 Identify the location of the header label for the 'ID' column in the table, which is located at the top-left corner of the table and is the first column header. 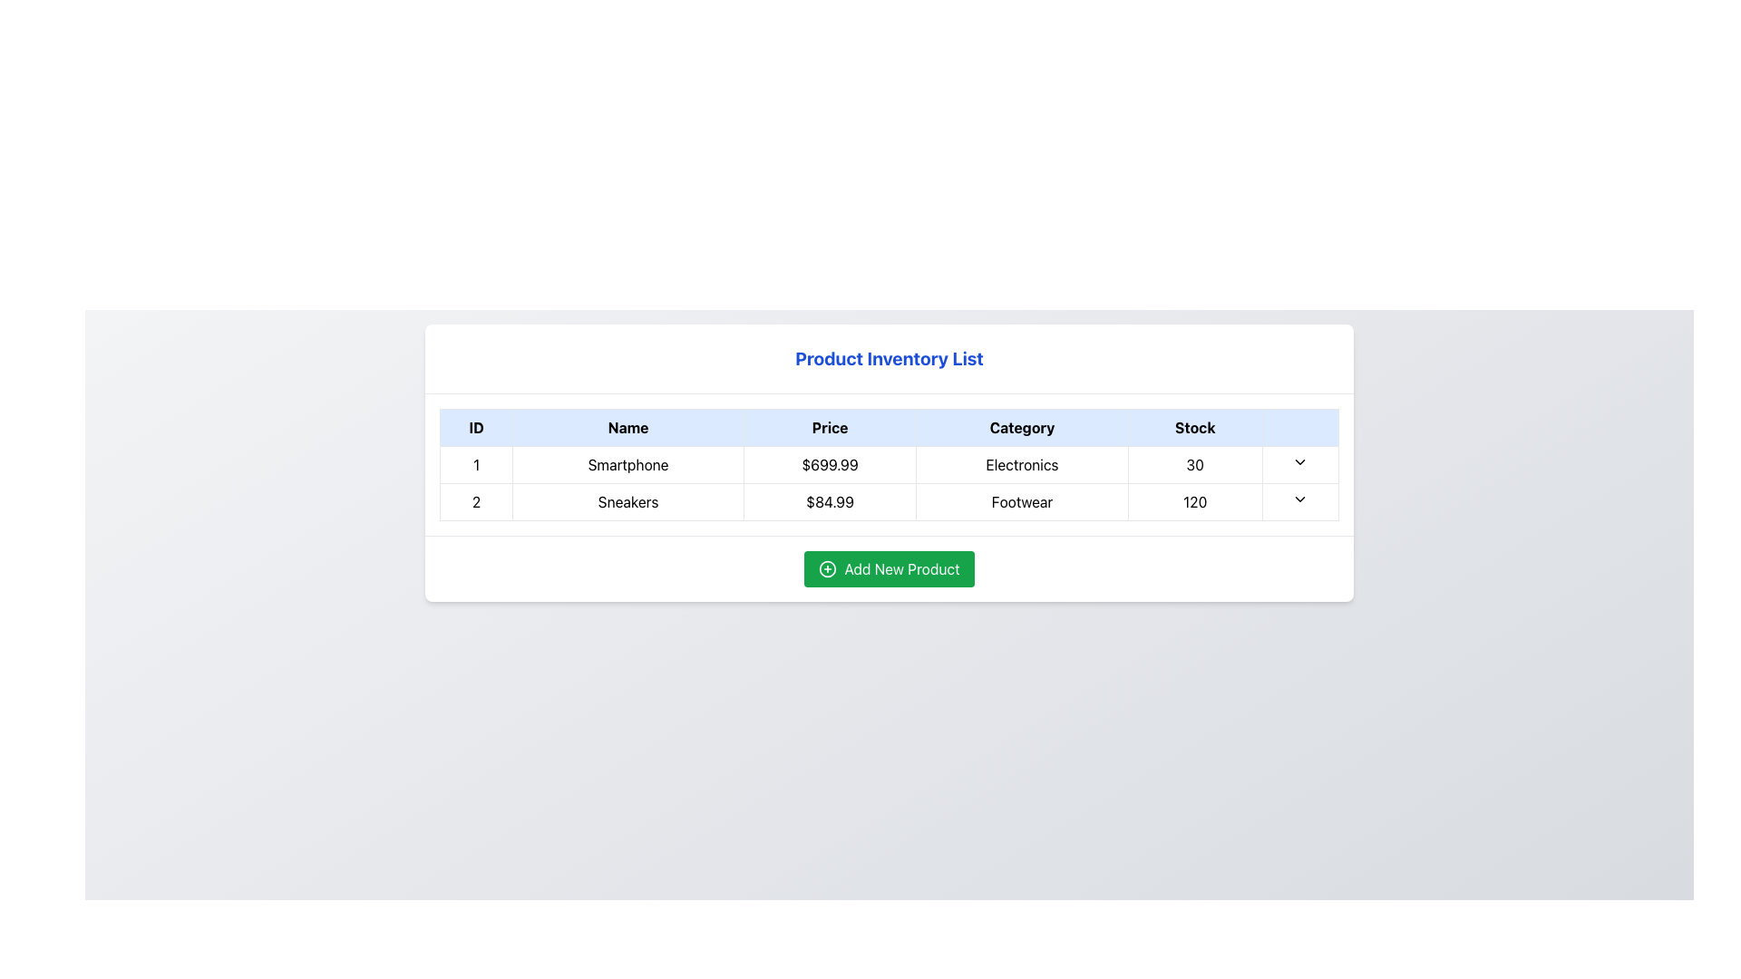
(476, 427).